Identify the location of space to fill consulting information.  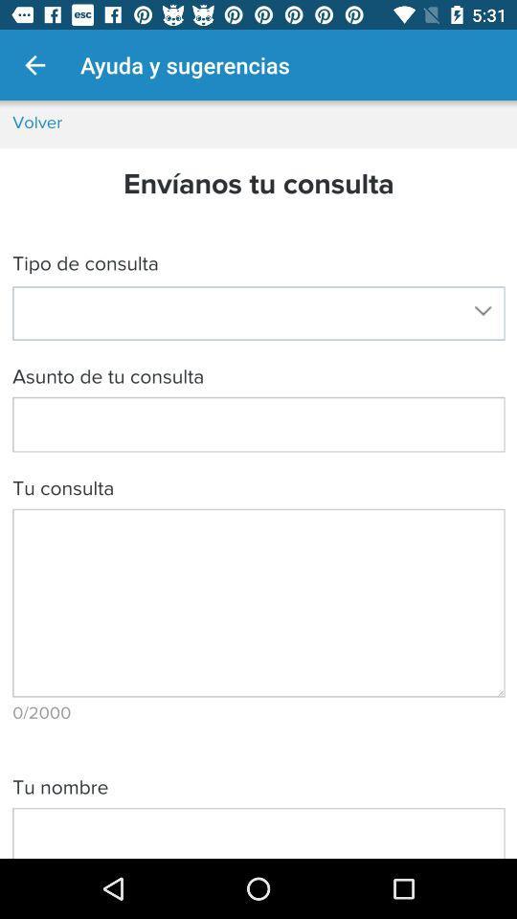
(258, 479).